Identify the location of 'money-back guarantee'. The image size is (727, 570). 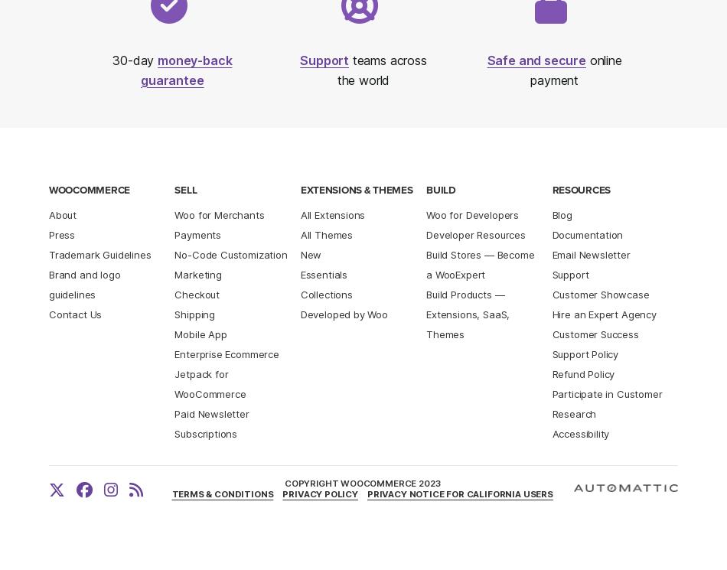
(185, 70).